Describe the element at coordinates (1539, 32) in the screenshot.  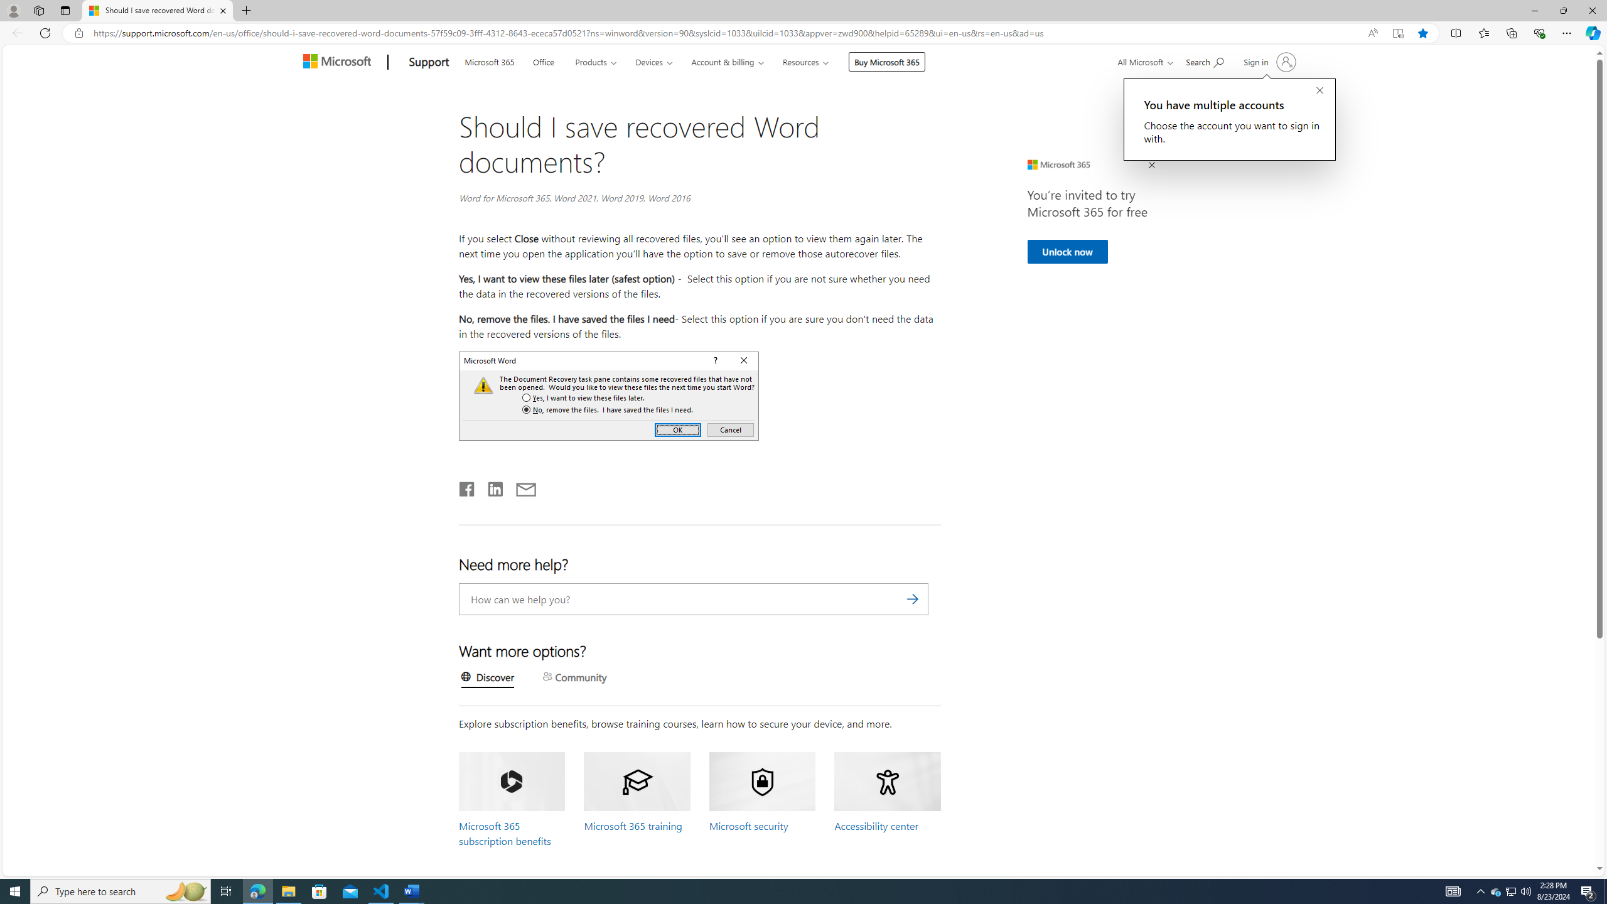
I see `'Browser essentials'` at that location.